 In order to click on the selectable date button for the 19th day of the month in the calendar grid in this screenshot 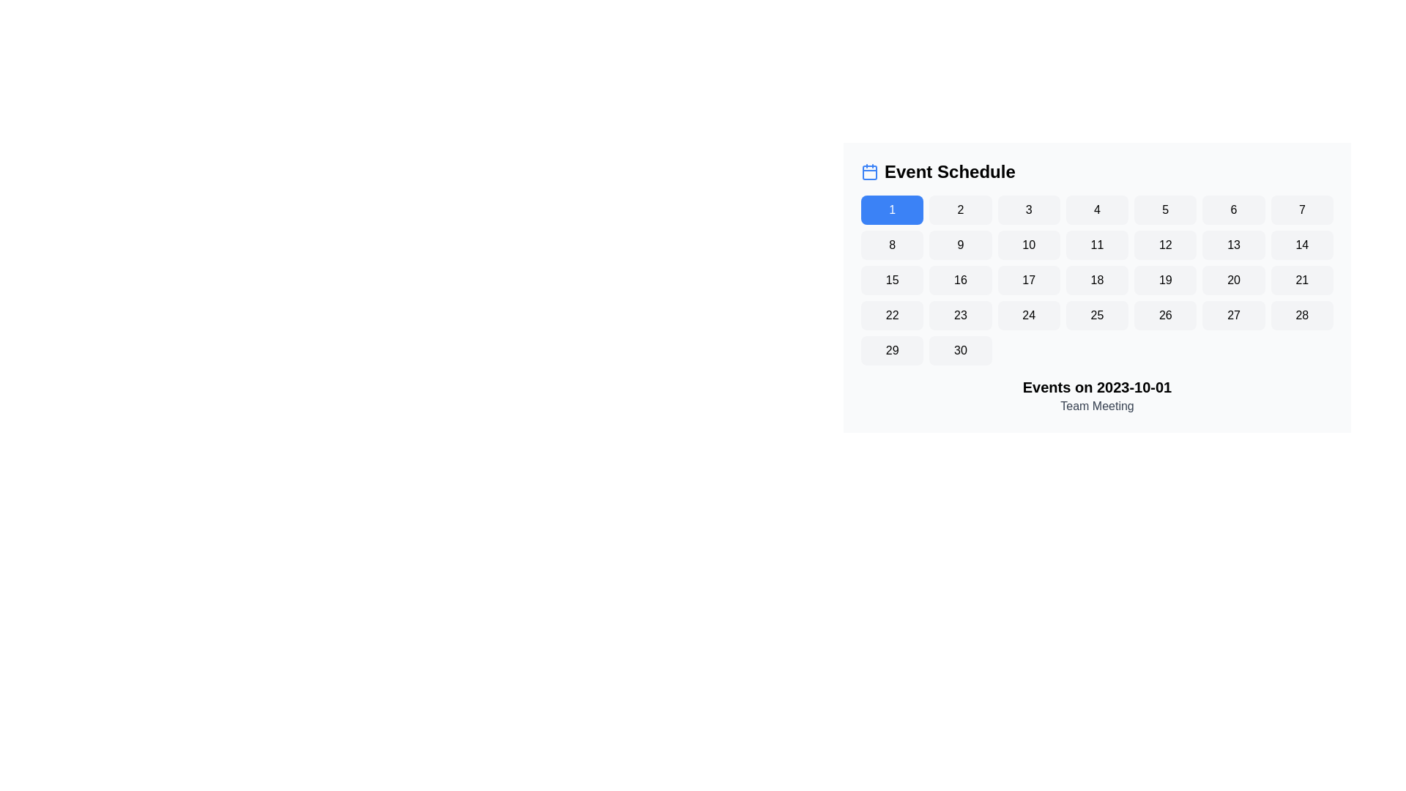, I will do `click(1164, 280)`.